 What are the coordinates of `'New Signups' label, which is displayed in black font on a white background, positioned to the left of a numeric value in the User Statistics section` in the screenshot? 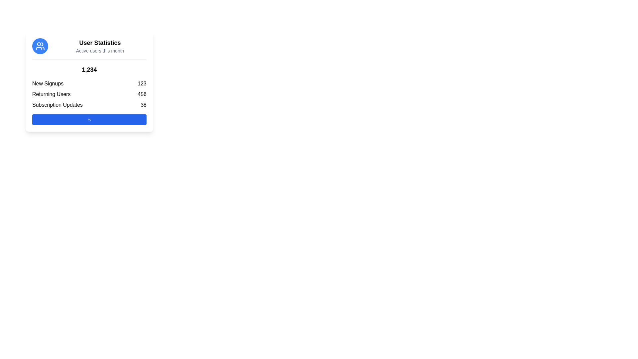 It's located at (48, 83).